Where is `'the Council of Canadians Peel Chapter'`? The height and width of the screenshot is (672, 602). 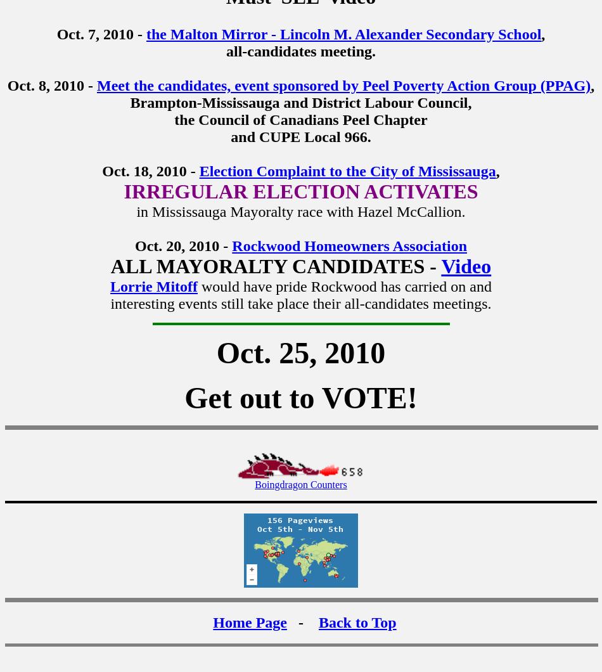
'the Council of Canadians Peel Chapter' is located at coordinates (300, 119).